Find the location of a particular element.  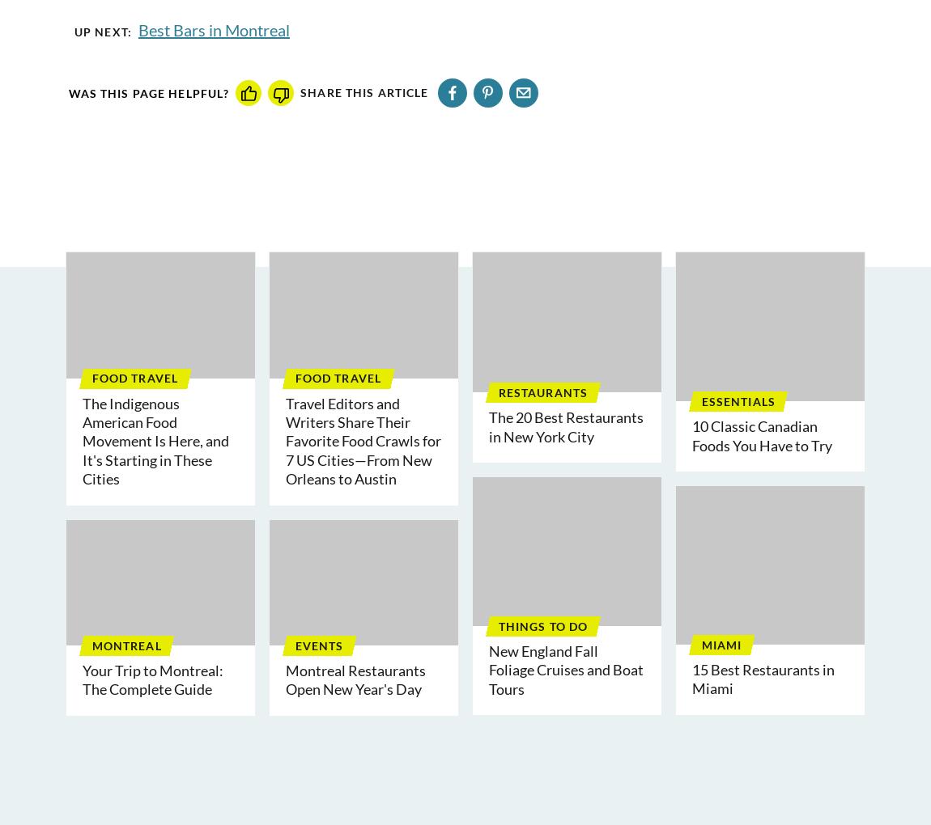

'Best Bars in Montreal' is located at coordinates (212, 29).